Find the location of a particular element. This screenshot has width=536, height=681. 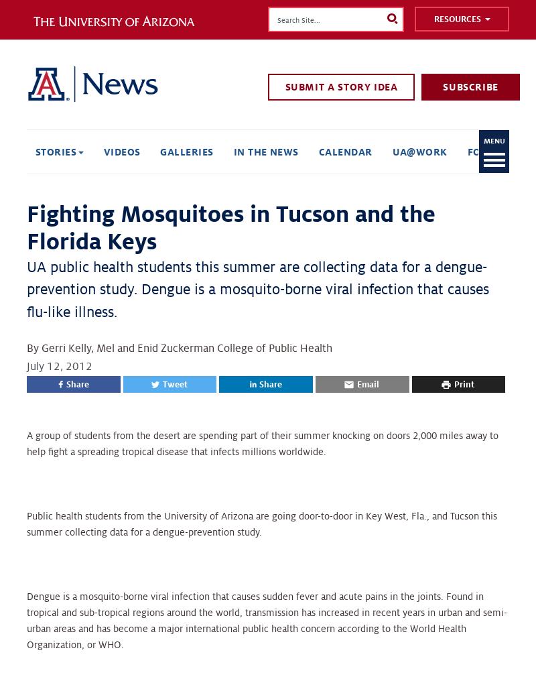

'Fighting Mosquitoes in Tucson and the Florida Keys' is located at coordinates (26, 228).